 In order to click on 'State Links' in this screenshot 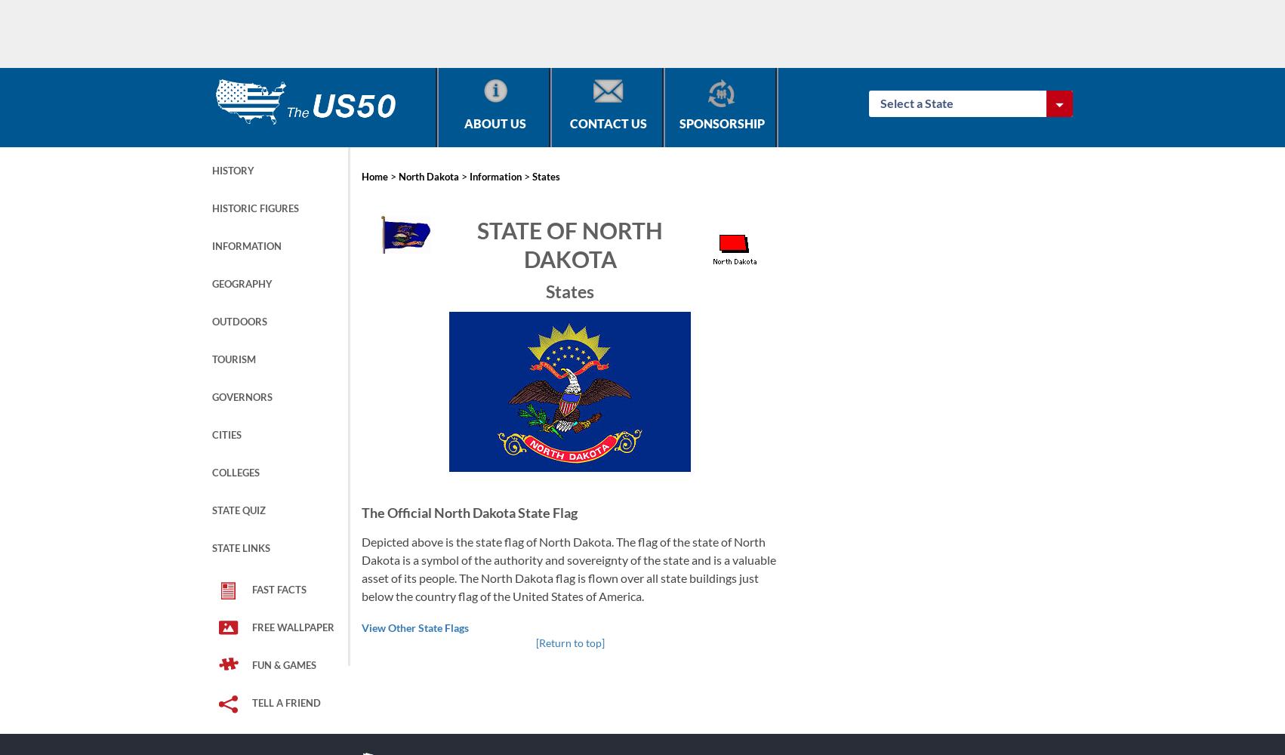, I will do `click(241, 547)`.